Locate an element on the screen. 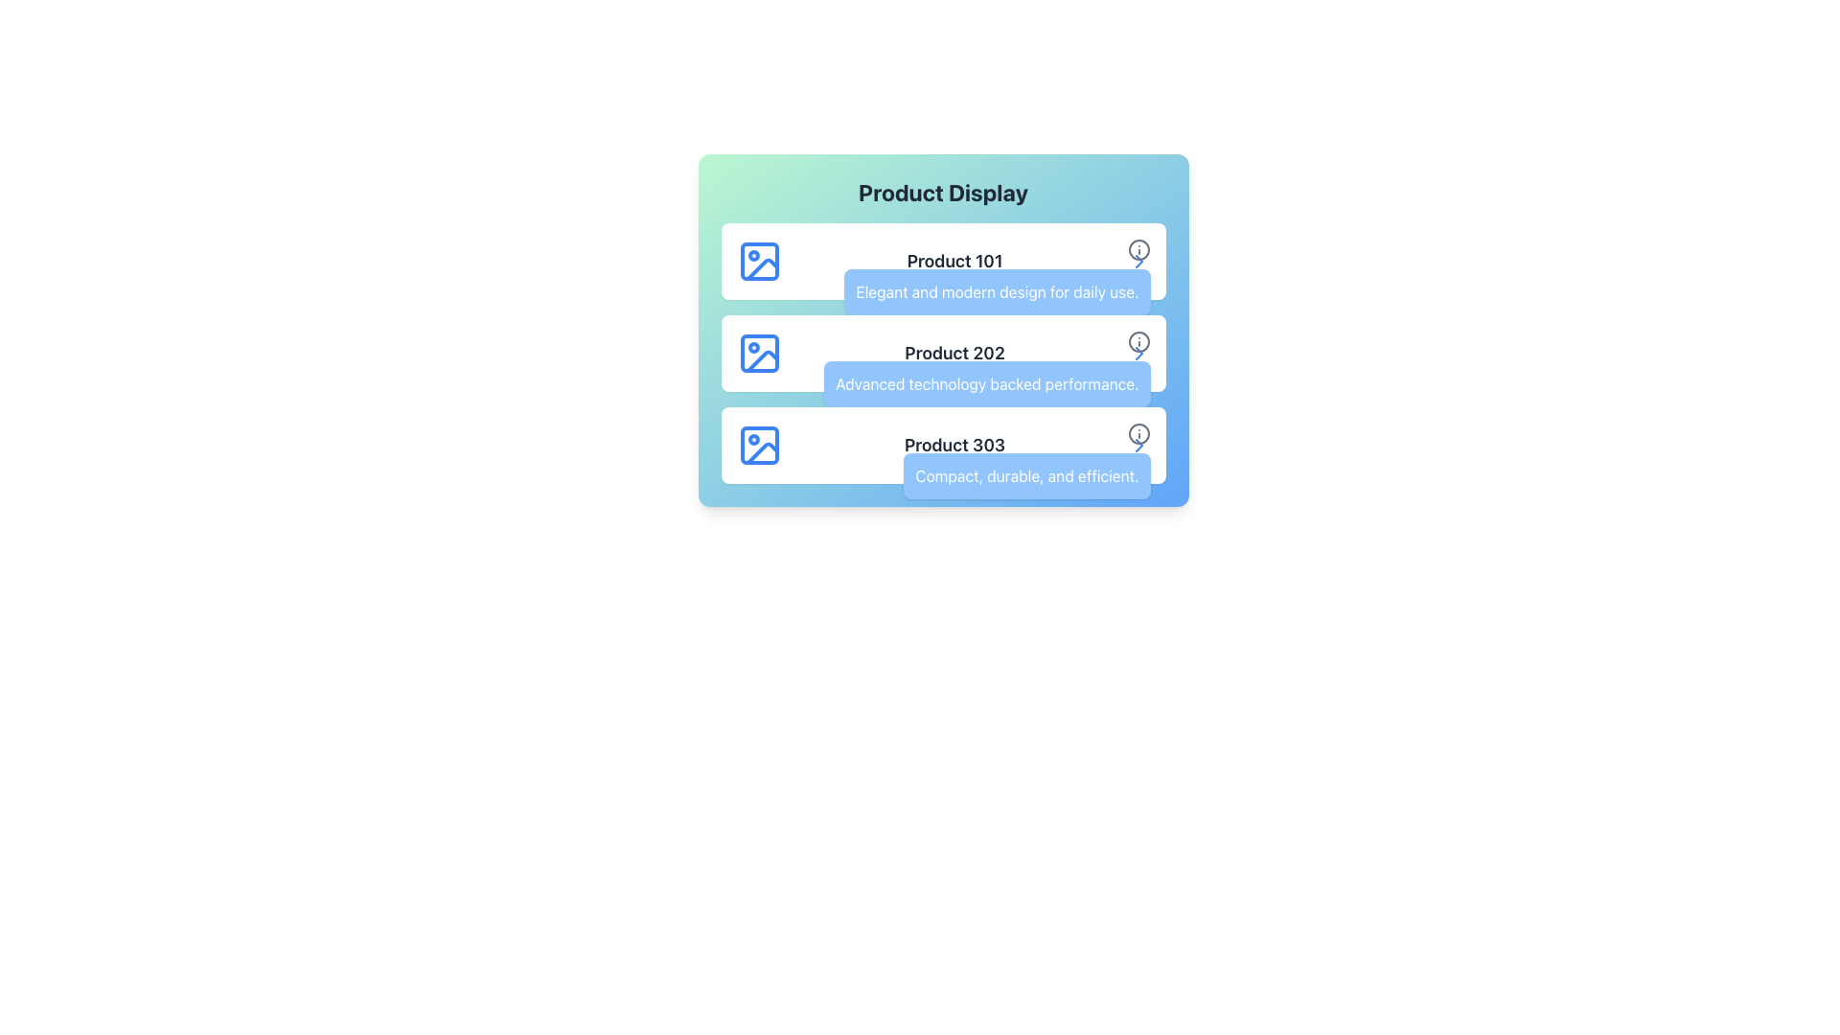  the decorative icon representing 'Product 303' located on the left side of the third product item in the 'Product Display' list is located at coordinates (758, 446).